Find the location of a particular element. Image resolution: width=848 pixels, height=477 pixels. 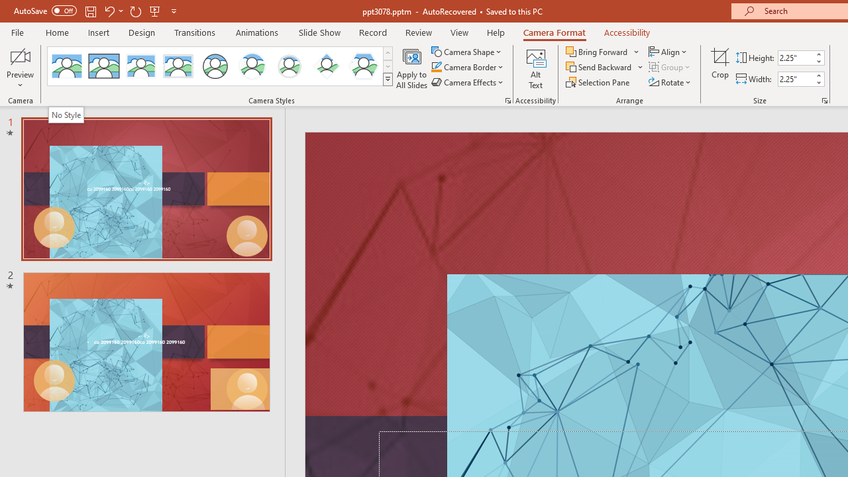

'More' is located at coordinates (818, 75).